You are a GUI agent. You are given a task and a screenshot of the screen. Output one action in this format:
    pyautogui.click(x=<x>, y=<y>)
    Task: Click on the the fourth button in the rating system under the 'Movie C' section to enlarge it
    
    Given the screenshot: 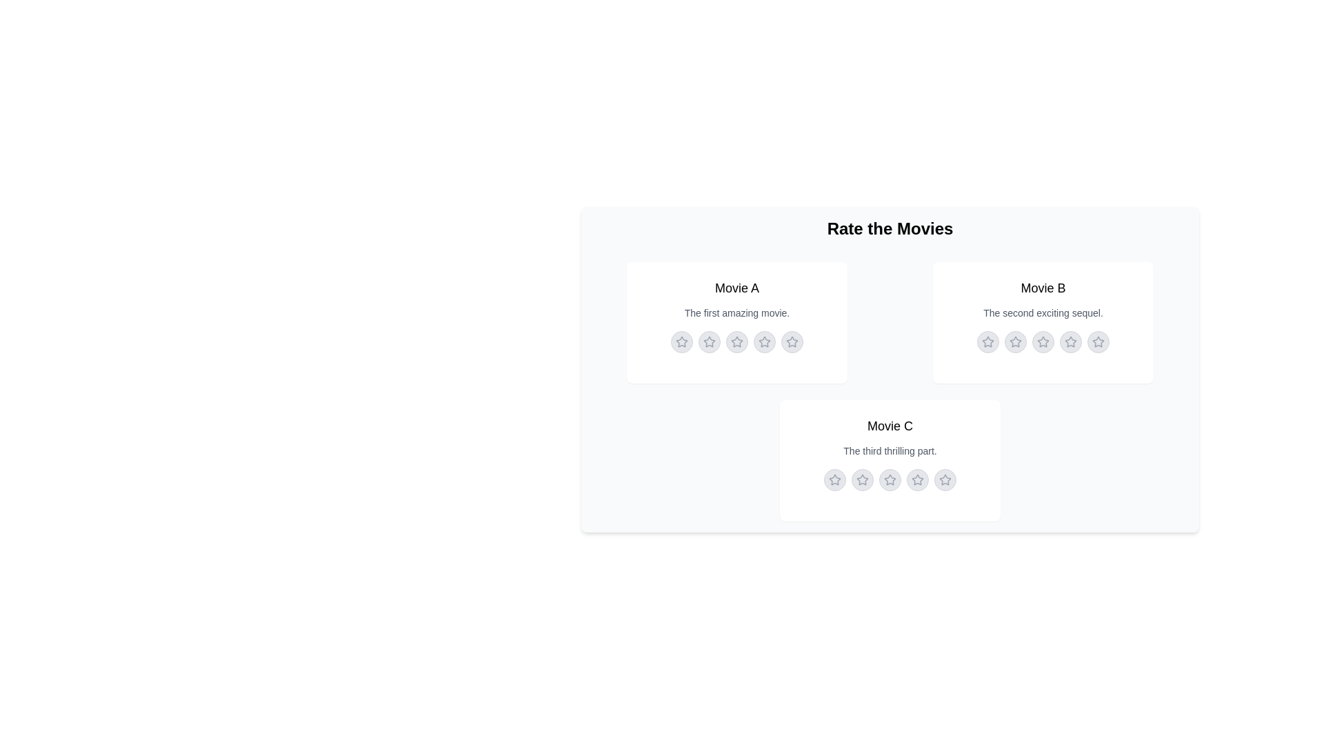 What is the action you would take?
    pyautogui.click(x=917, y=479)
    